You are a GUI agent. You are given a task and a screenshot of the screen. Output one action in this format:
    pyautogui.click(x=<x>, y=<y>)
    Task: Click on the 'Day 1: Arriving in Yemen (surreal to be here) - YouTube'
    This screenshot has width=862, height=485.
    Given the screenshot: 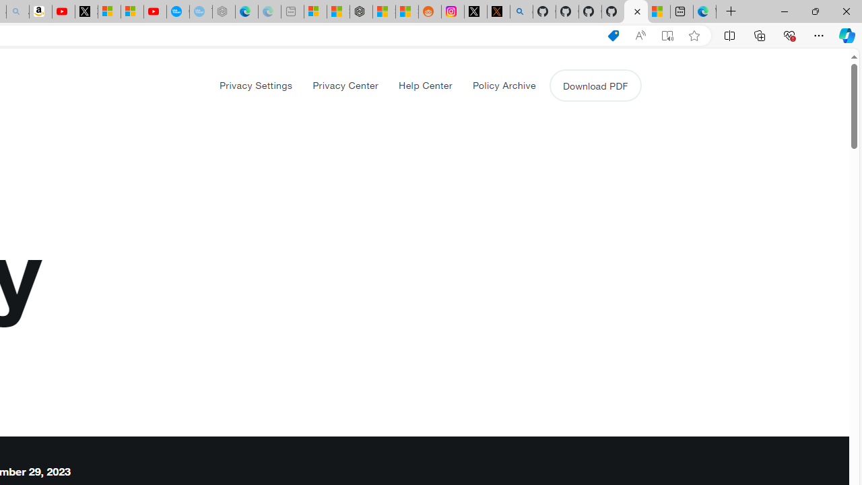 What is the action you would take?
    pyautogui.click(x=63, y=11)
    